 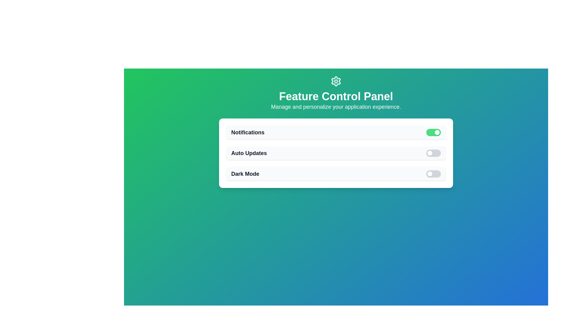 What do you see at coordinates (433, 153) in the screenshot?
I see `the toggle switch for 'Auto Updates' feature located in the second row of the control panel` at bounding box center [433, 153].